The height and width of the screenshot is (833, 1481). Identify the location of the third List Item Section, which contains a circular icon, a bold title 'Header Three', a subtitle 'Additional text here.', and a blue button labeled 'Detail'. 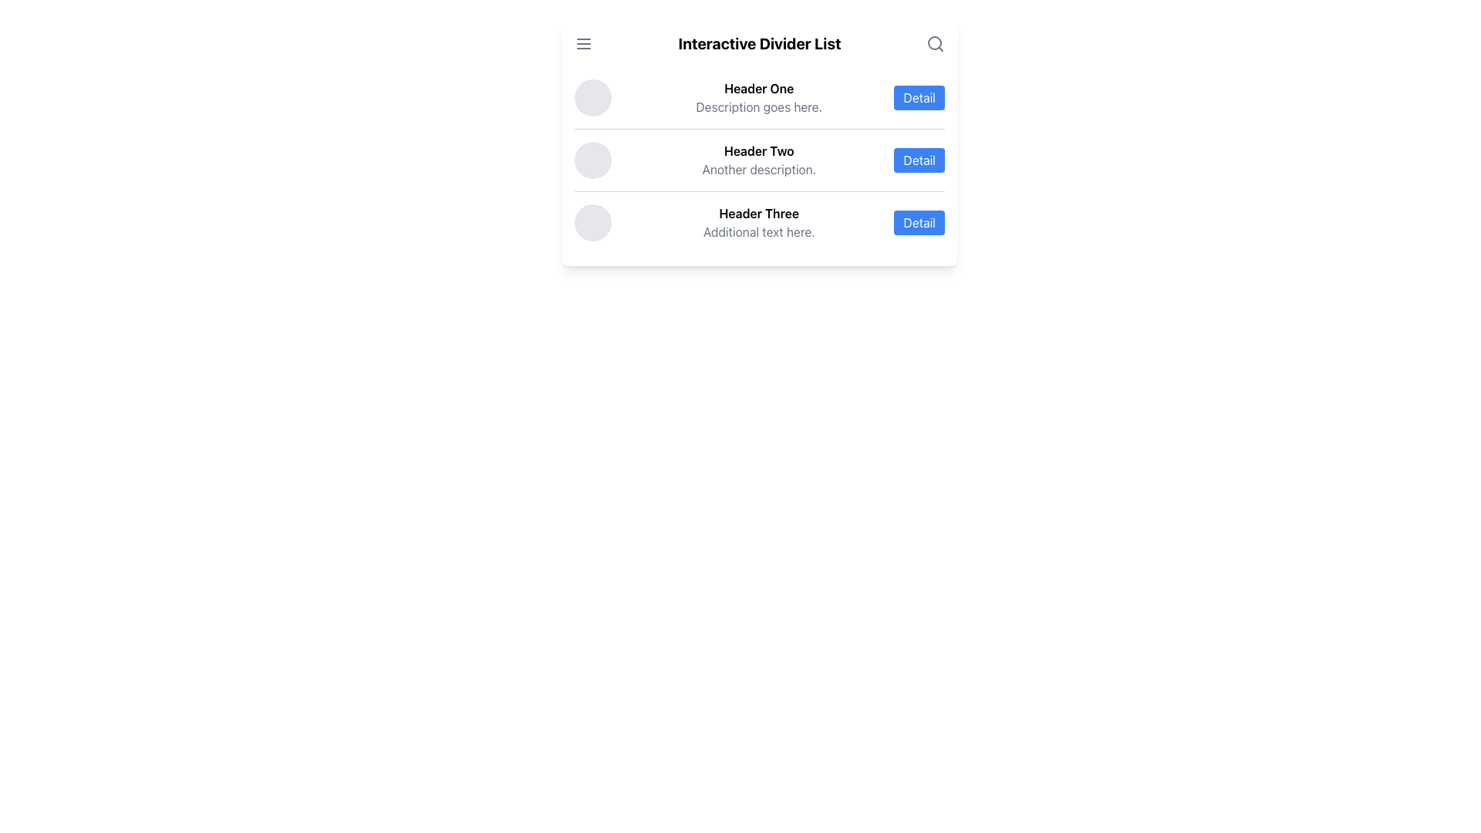
(759, 222).